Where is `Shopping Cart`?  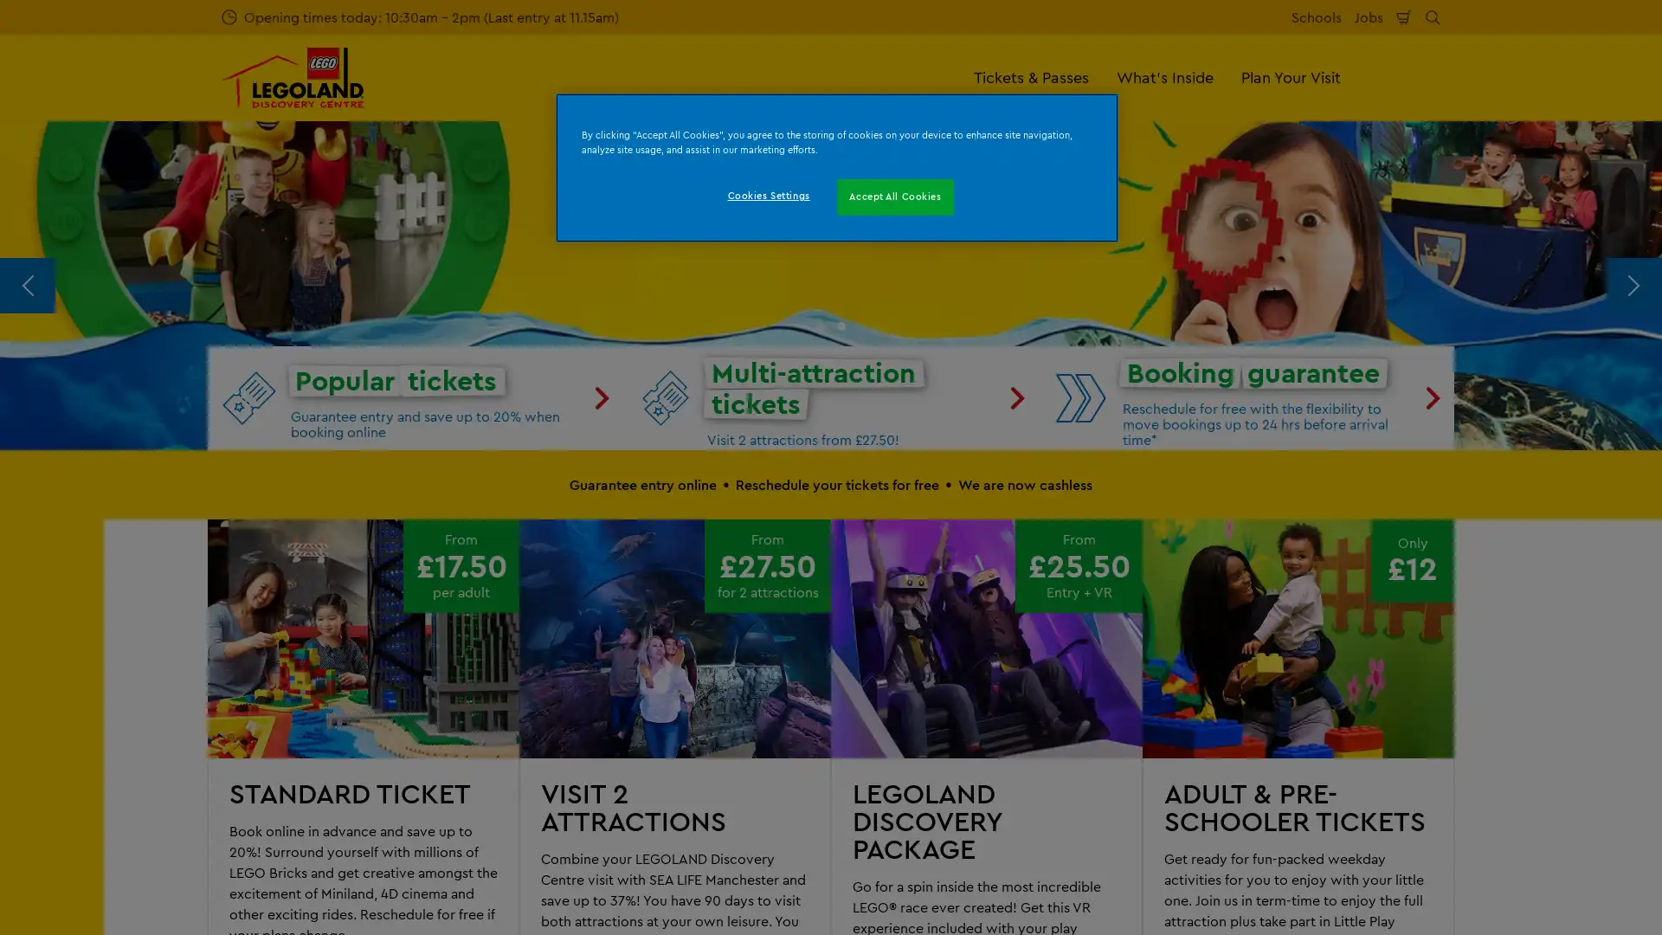
Shopping Cart is located at coordinates (1404, 16).